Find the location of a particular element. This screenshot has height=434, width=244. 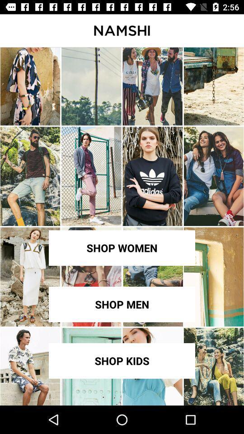

shop men icon is located at coordinates (122, 304).